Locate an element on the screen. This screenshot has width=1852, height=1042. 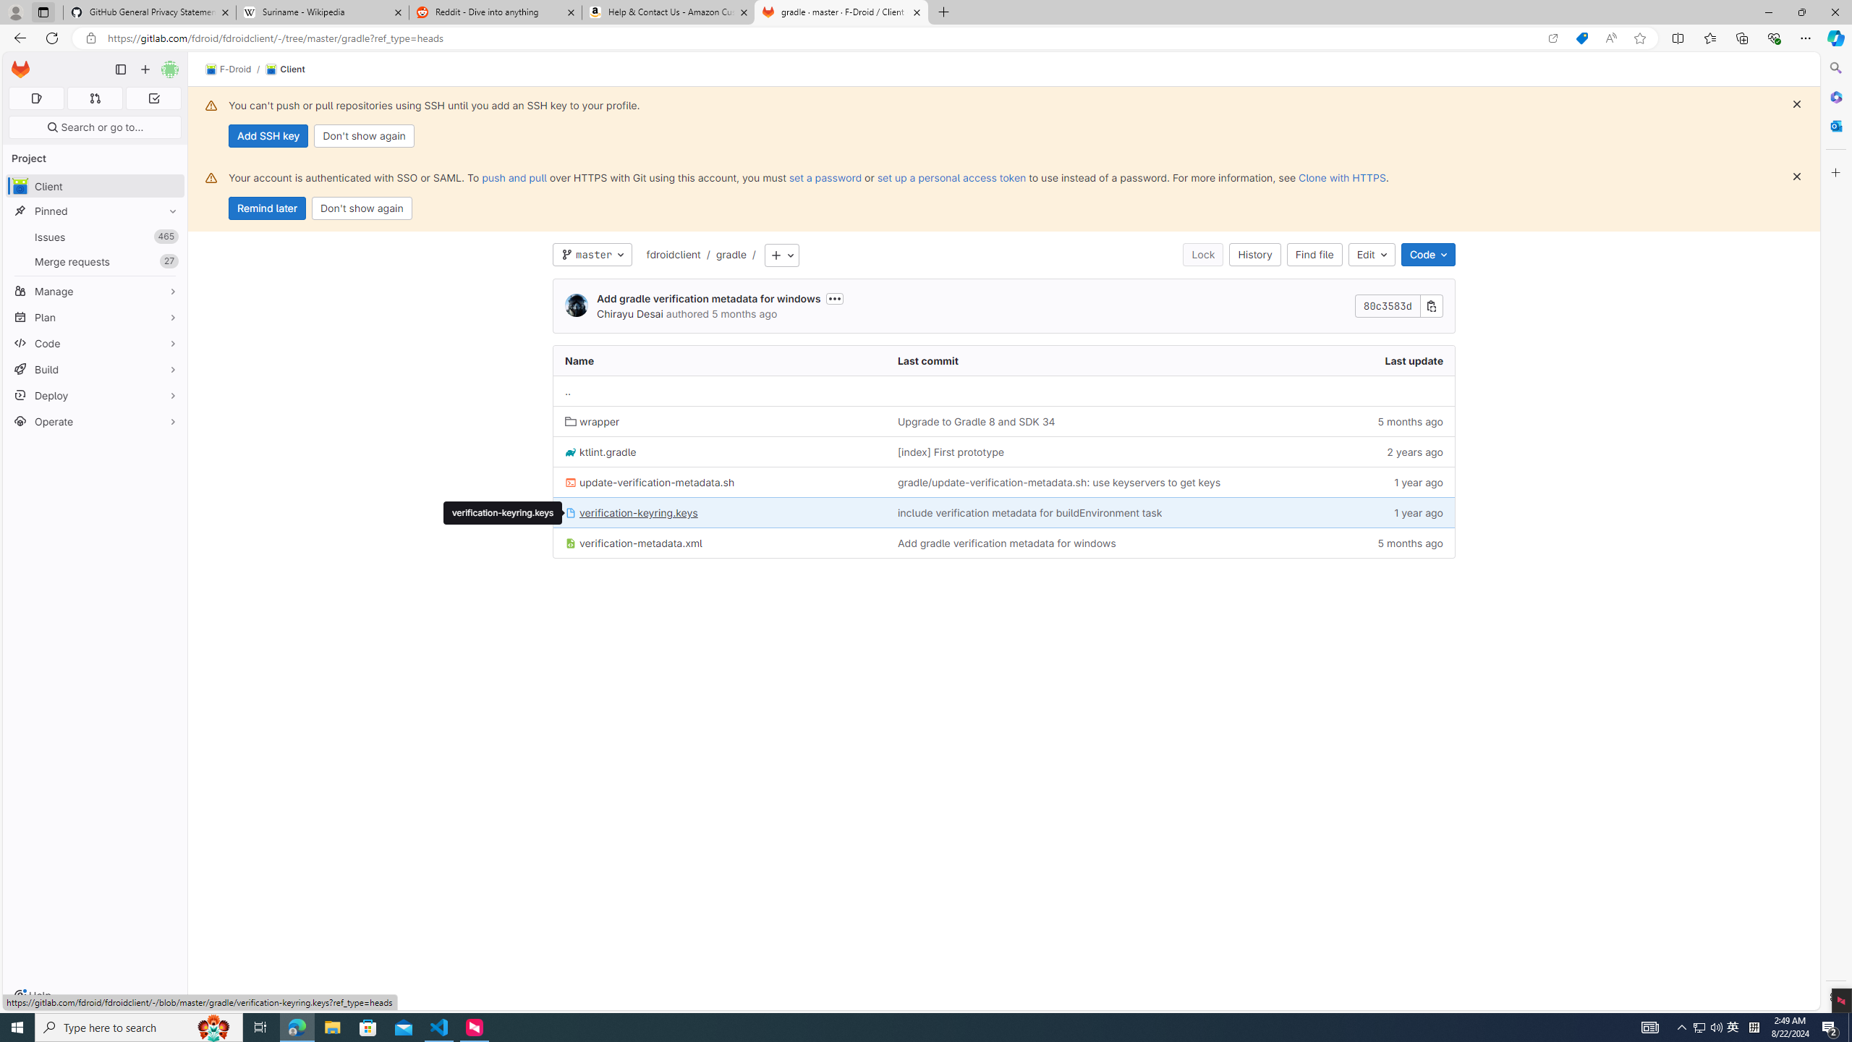
'Pinned' is located at coordinates (94, 211).